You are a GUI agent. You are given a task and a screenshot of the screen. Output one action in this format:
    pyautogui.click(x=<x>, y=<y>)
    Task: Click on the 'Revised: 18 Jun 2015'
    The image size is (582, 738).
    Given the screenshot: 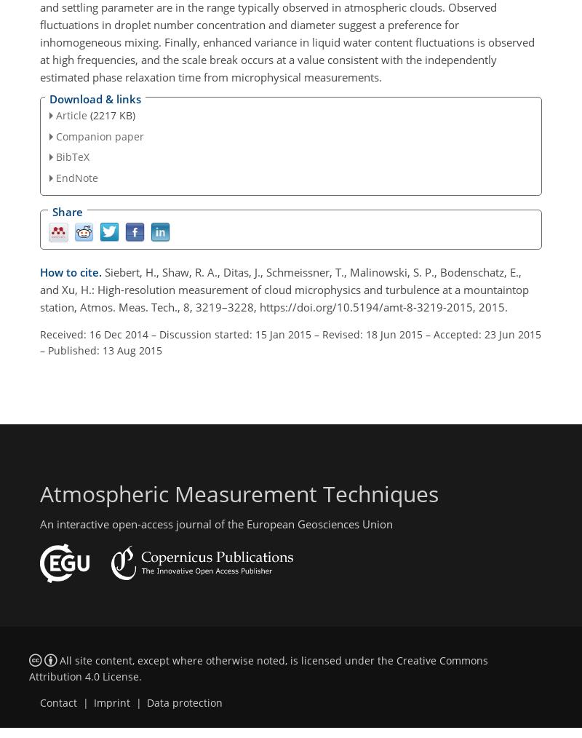 What is the action you would take?
    pyautogui.click(x=321, y=334)
    